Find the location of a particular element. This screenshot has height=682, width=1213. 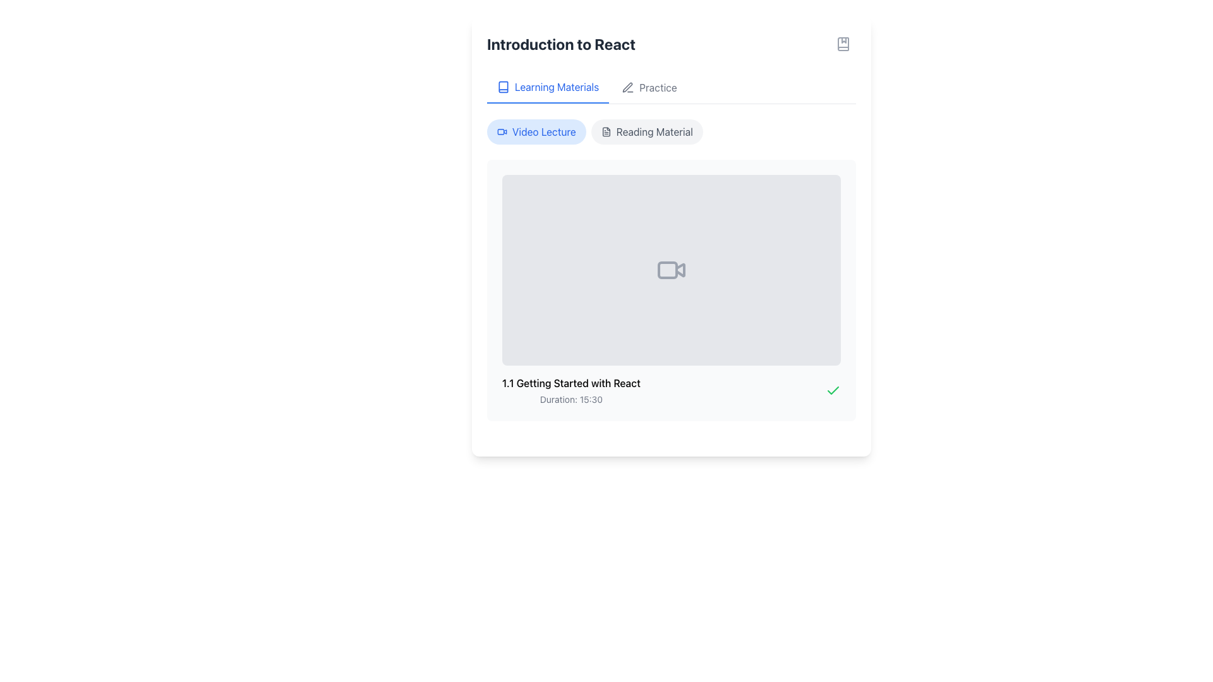

the subcomponents of the Content Card for the video lecture titled '1.1 Getting Started with React', located below the 'Video Lecture' and 'Reading Material' tabs in the 'Learning Materials' section is located at coordinates (670, 269).